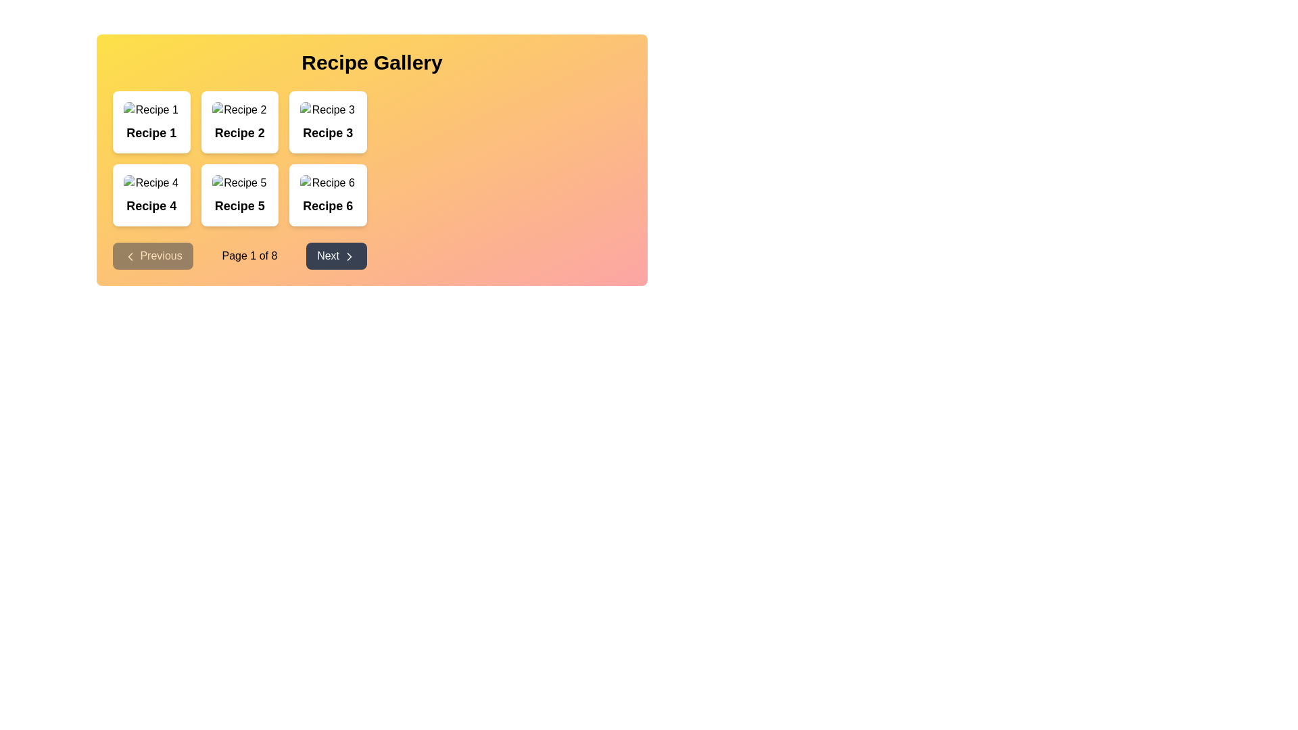 This screenshot has height=730, width=1298. What do you see at coordinates (349, 256) in the screenshot?
I see `the right-facing chevron icon located inside the dark button labeled 'Next' at the bottom-right corner of the recipe gallery interface` at bounding box center [349, 256].